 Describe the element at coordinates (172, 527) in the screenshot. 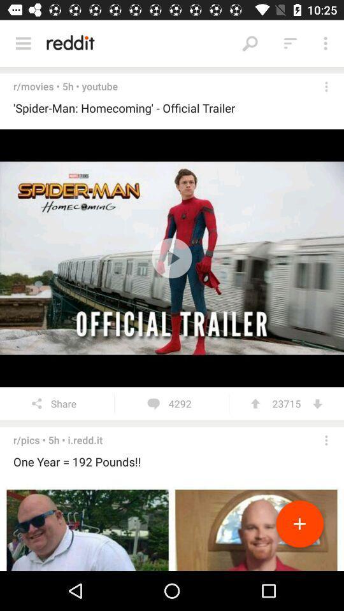

I see `advertisement banner` at that location.